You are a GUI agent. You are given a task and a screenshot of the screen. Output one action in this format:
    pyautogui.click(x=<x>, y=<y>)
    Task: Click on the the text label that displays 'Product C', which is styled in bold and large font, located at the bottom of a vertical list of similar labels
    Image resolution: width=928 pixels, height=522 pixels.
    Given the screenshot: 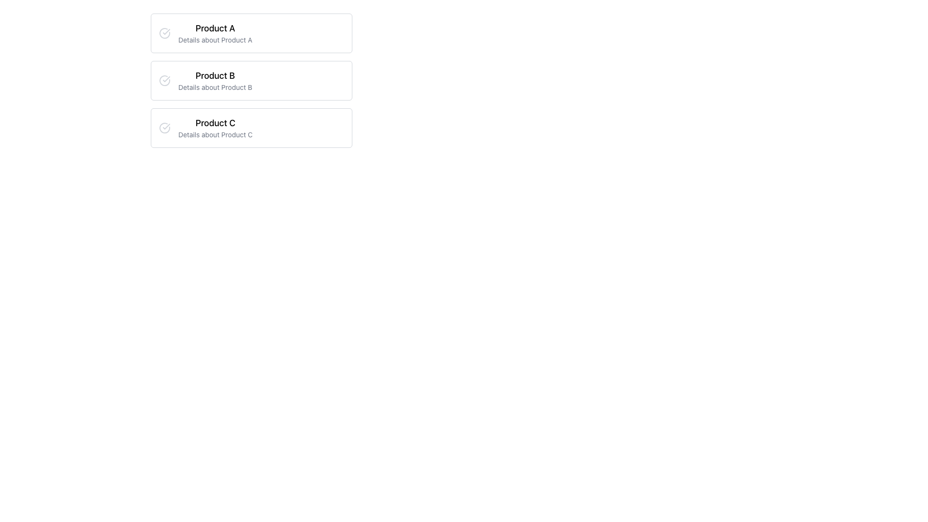 What is the action you would take?
    pyautogui.click(x=215, y=122)
    